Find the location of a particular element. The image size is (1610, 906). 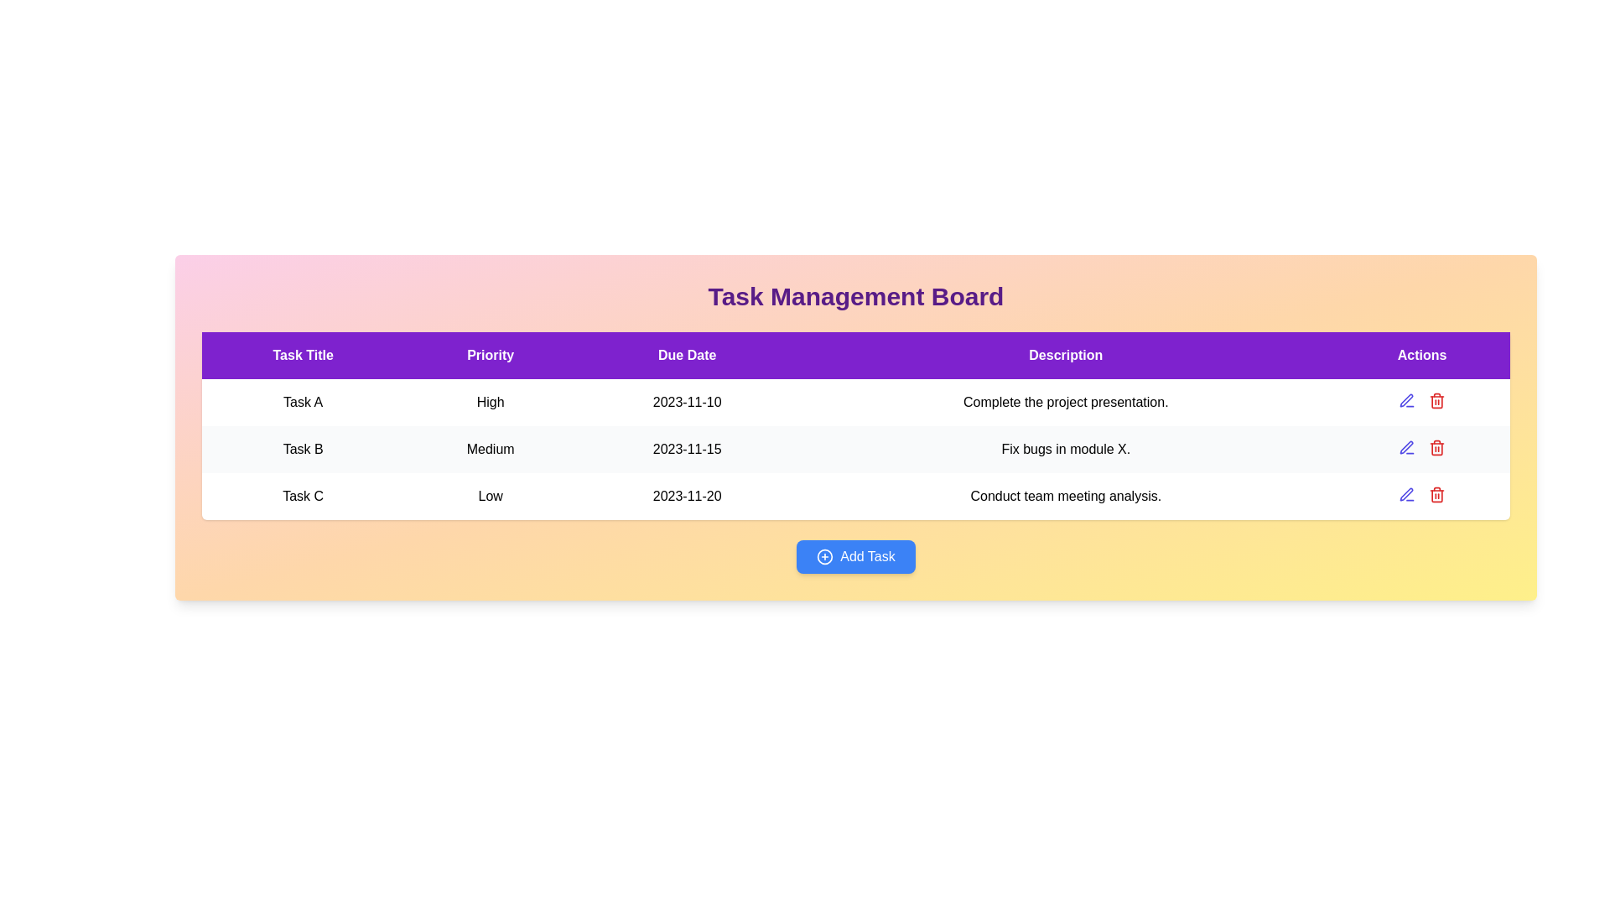

the pencil icon button located in the last row under the 'Actions' column for 'Task C' to initiate an edit action is located at coordinates (1406, 493).